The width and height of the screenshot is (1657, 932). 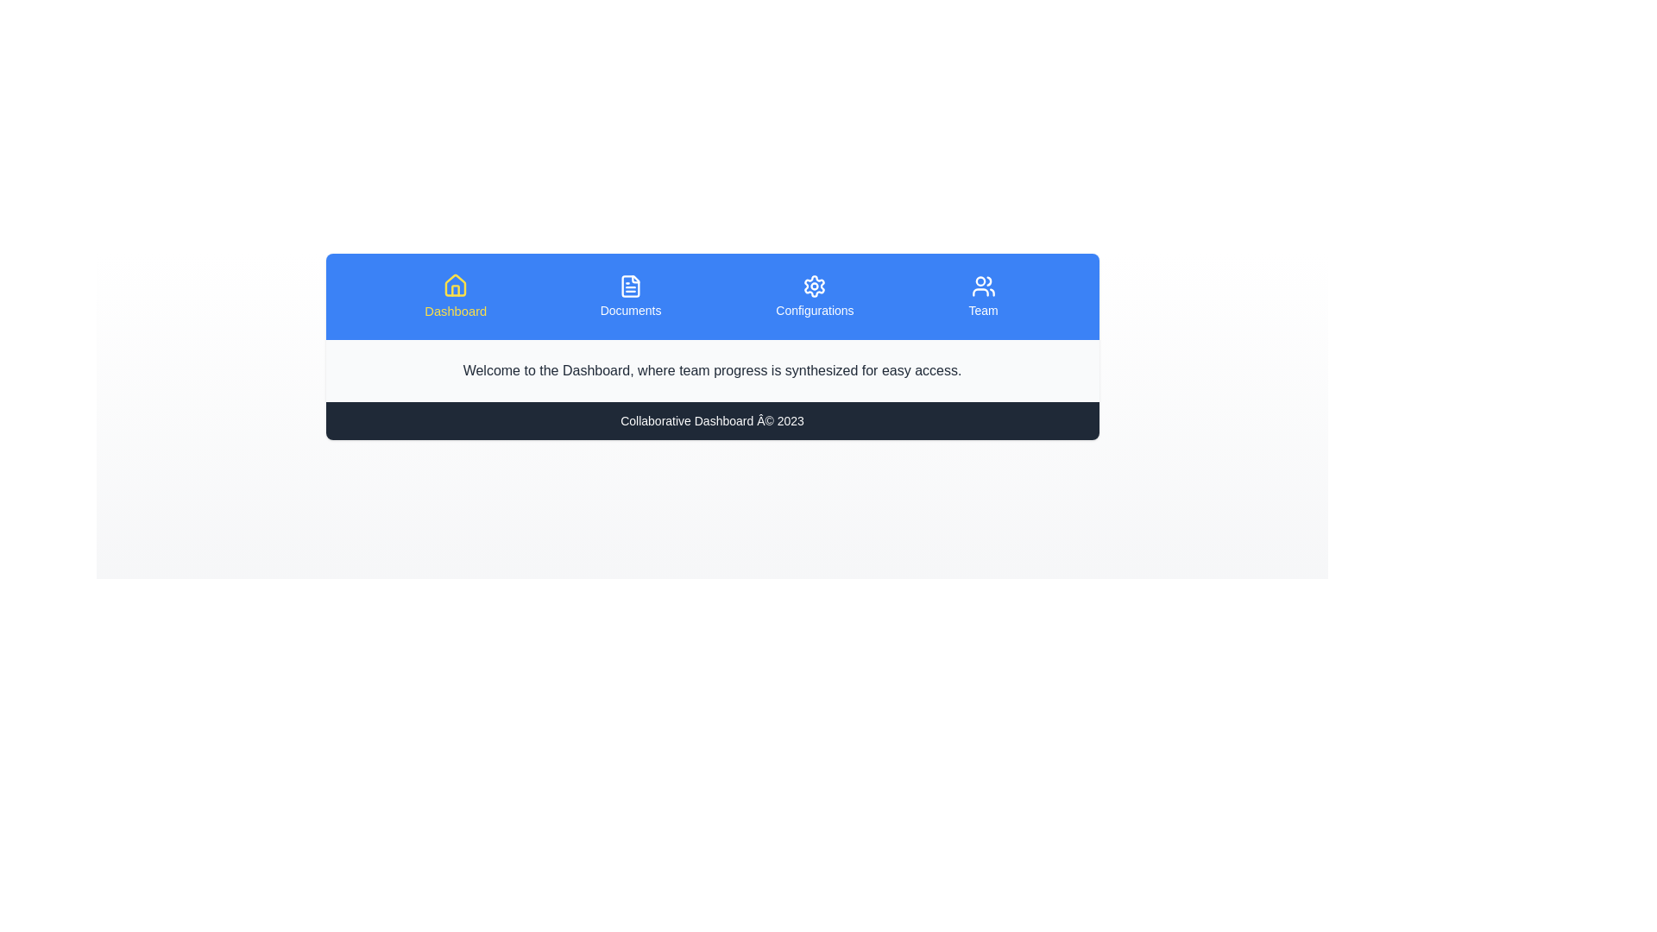 What do you see at coordinates (456, 295) in the screenshot?
I see `the tab labeled Dashboard` at bounding box center [456, 295].